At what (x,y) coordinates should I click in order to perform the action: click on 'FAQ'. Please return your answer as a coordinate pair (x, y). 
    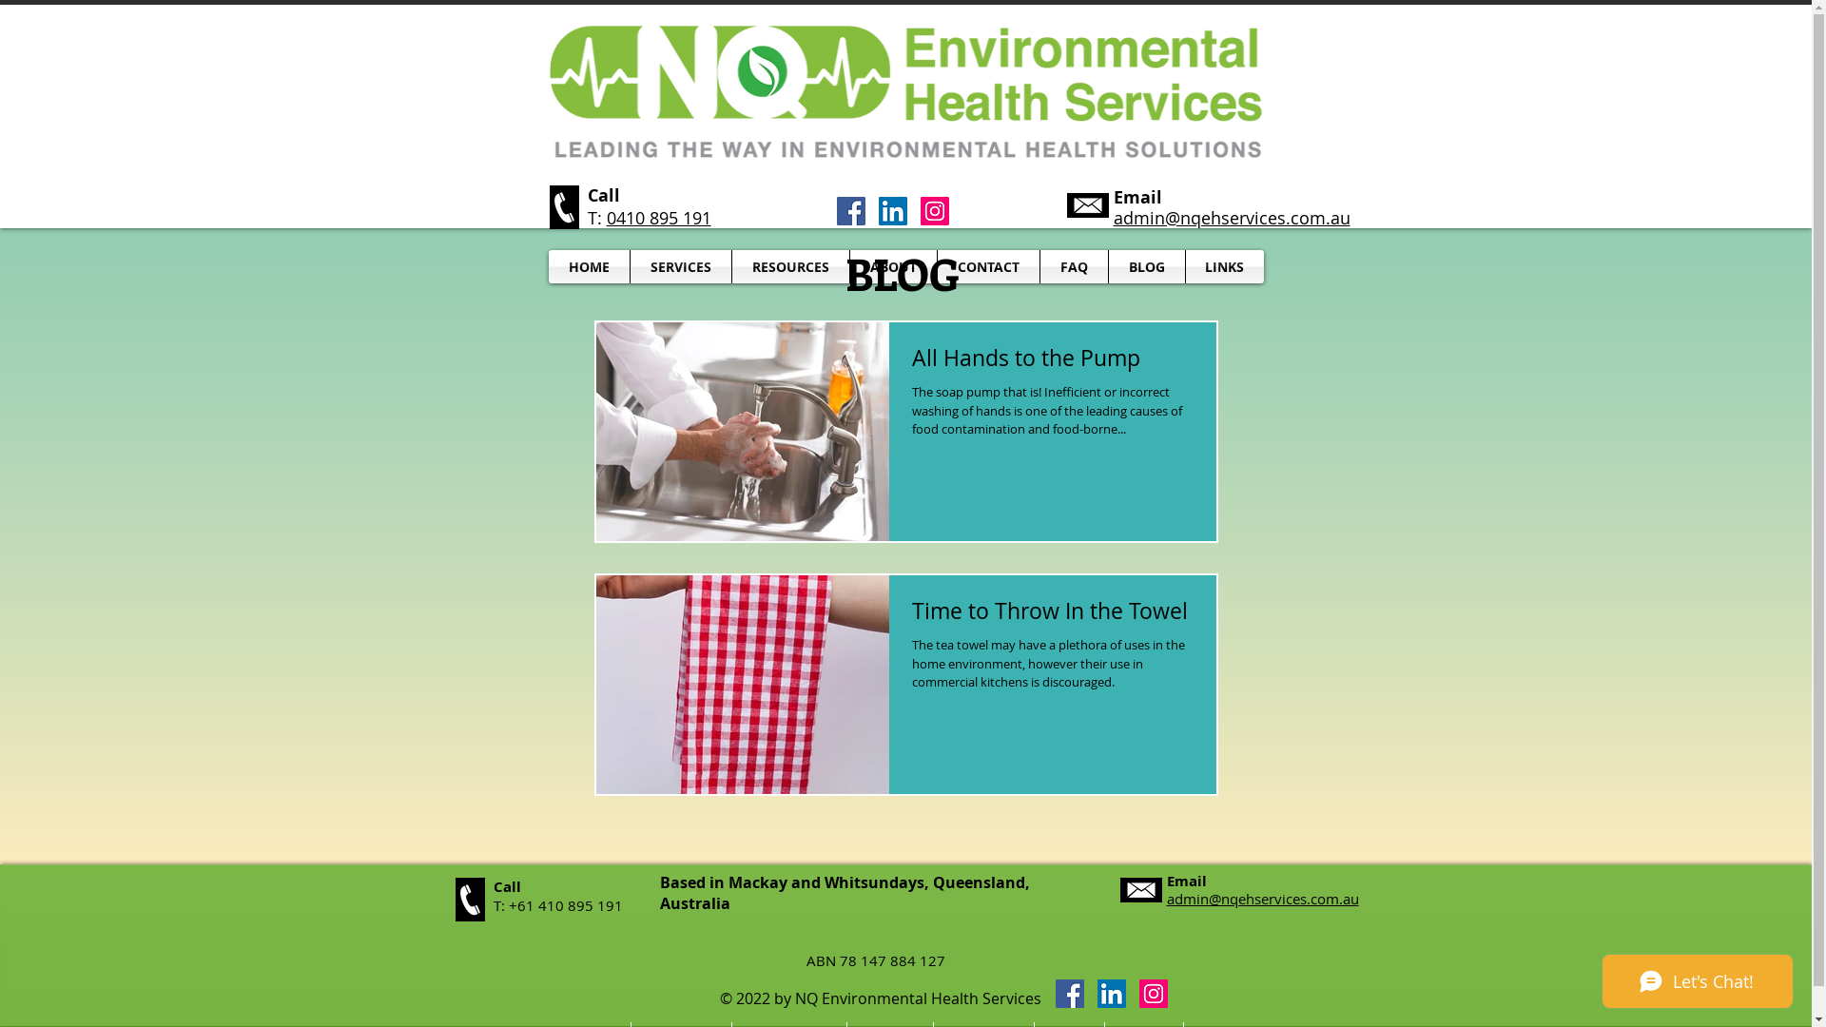
    Looking at the image, I should click on (1074, 266).